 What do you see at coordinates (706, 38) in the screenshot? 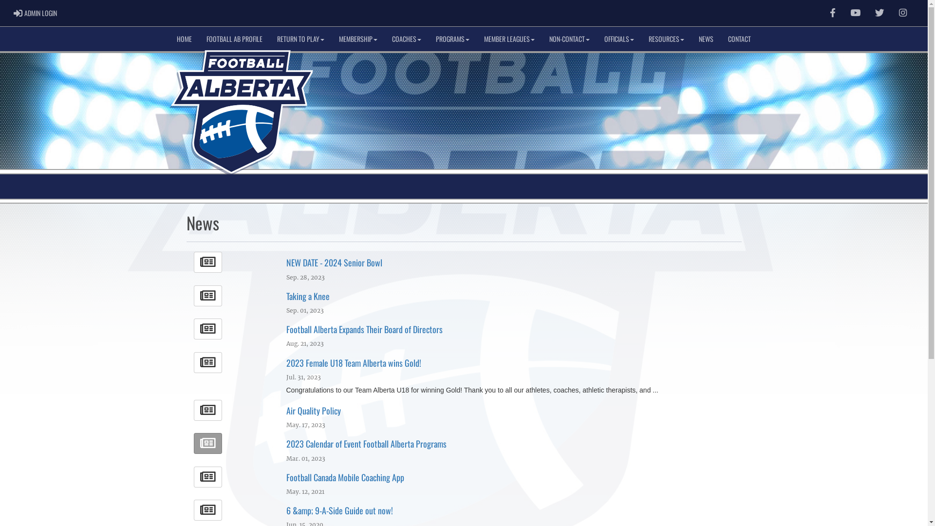
I see `'NEWS'` at bounding box center [706, 38].